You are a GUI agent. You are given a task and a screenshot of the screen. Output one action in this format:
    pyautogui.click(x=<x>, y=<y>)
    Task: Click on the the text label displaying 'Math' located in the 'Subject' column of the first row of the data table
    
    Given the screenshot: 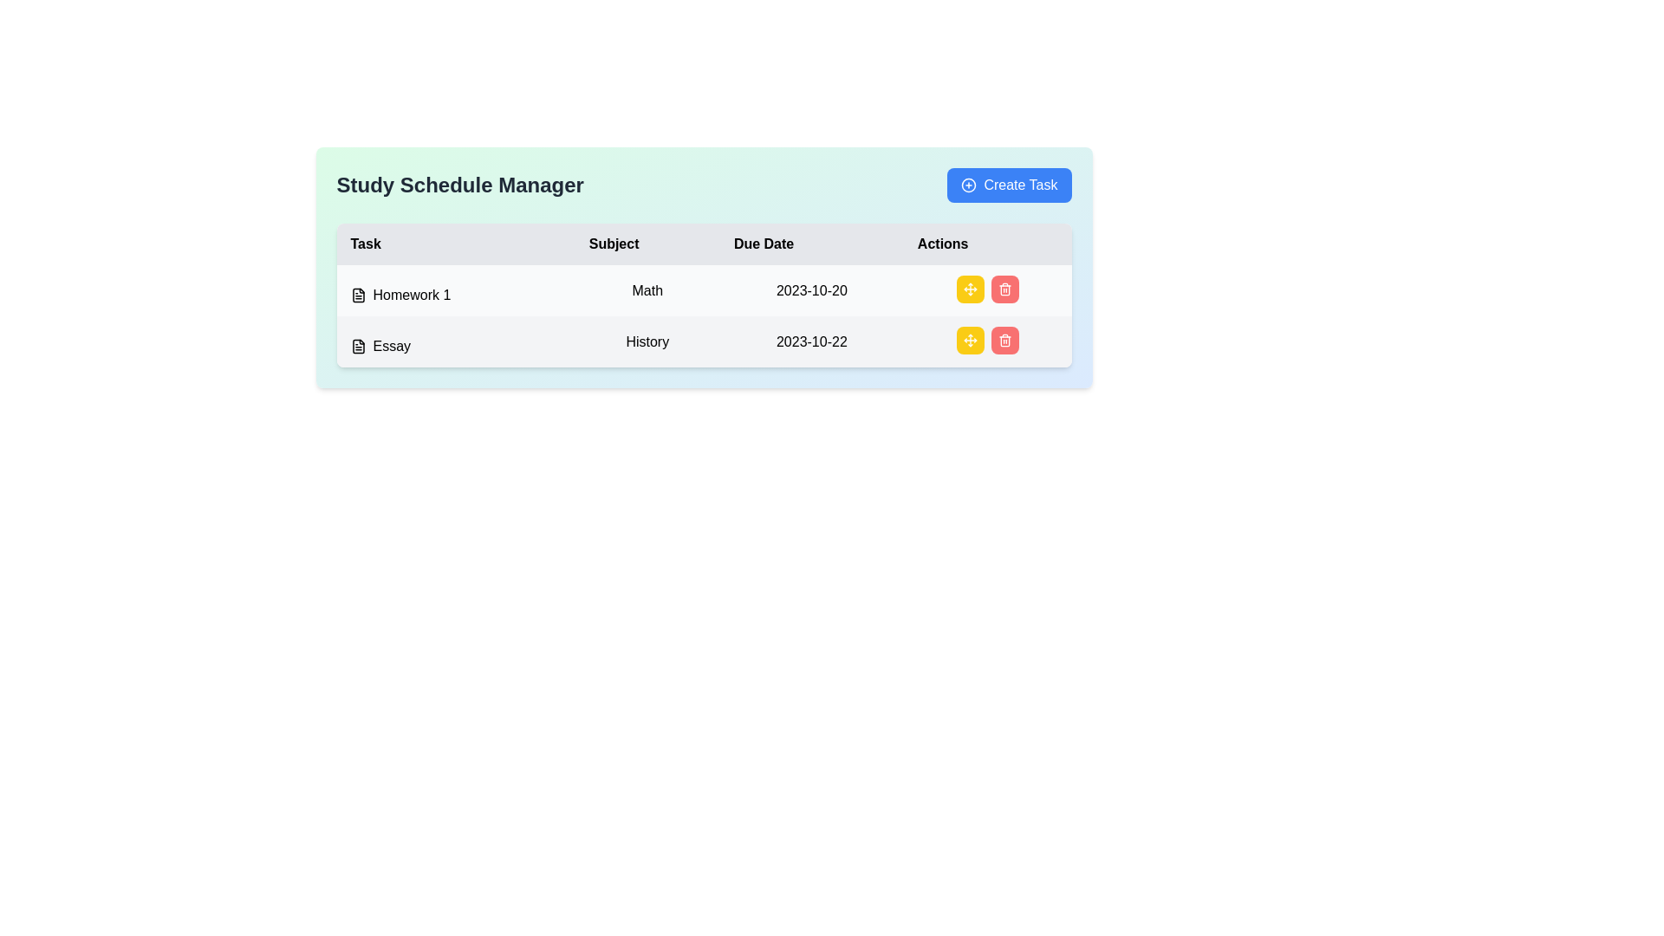 What is the action you would take?
    pyautogui.click(x=647, y=289)
    